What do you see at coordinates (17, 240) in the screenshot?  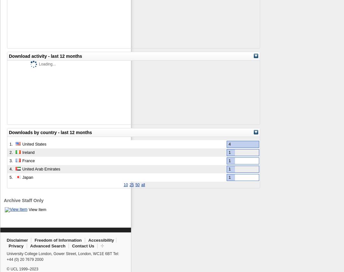 I see `'Disclaimer'` at bounding box center [17, 240].